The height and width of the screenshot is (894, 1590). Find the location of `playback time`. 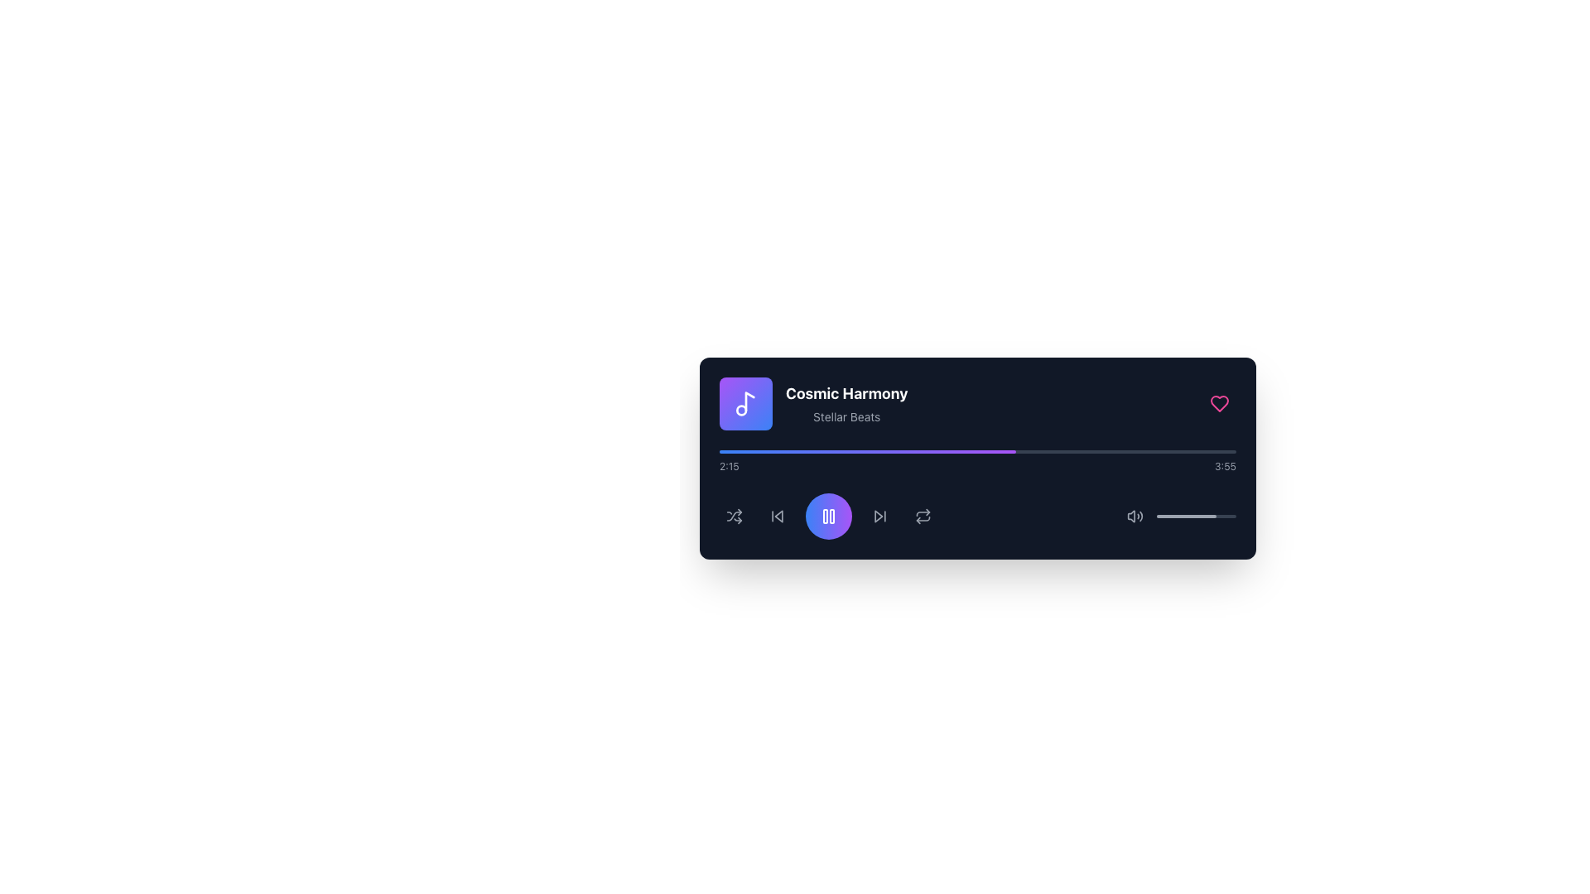

playback time is located at coordinates (724, 452).